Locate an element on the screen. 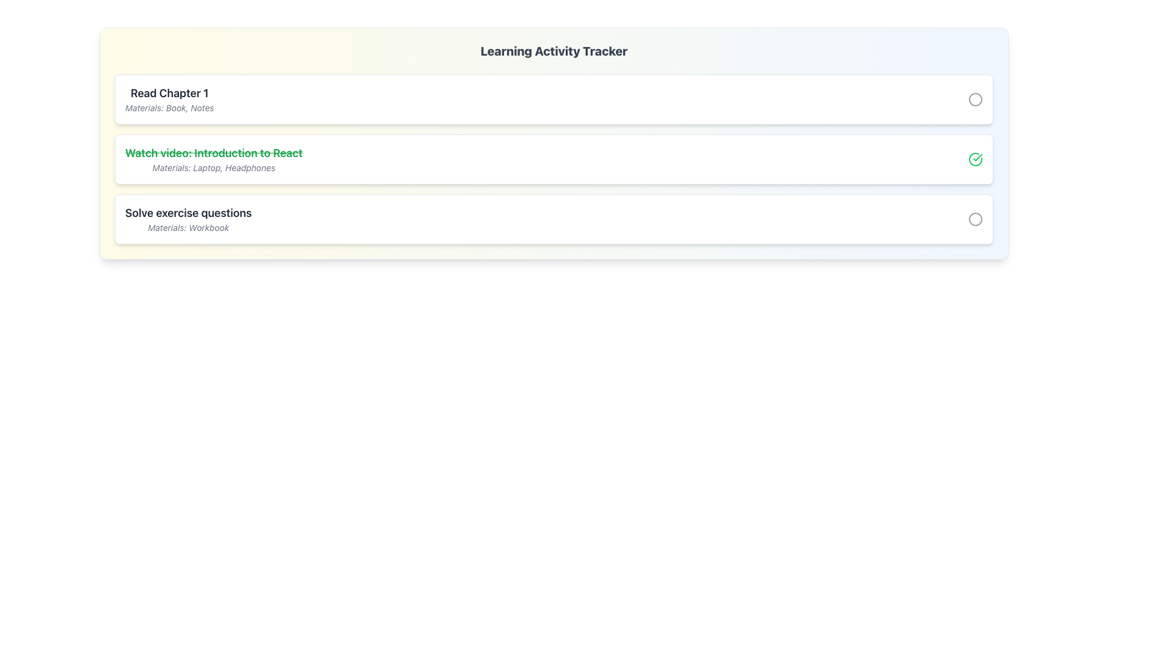 The width and height of the screenshot is (1173, 660). the first list item in the 'Learning Activity Tracker' section that displays a task or activity for the user is located at coordinates (169, 98).